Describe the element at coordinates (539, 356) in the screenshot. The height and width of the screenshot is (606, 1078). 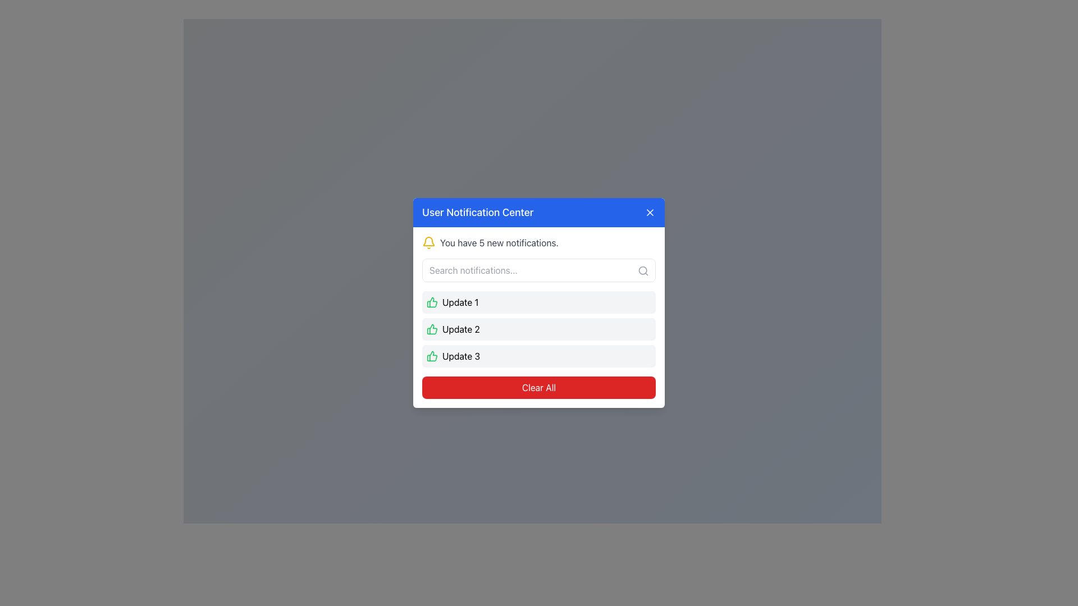
I see `the third list item labeled 'Update 3'` at that location.